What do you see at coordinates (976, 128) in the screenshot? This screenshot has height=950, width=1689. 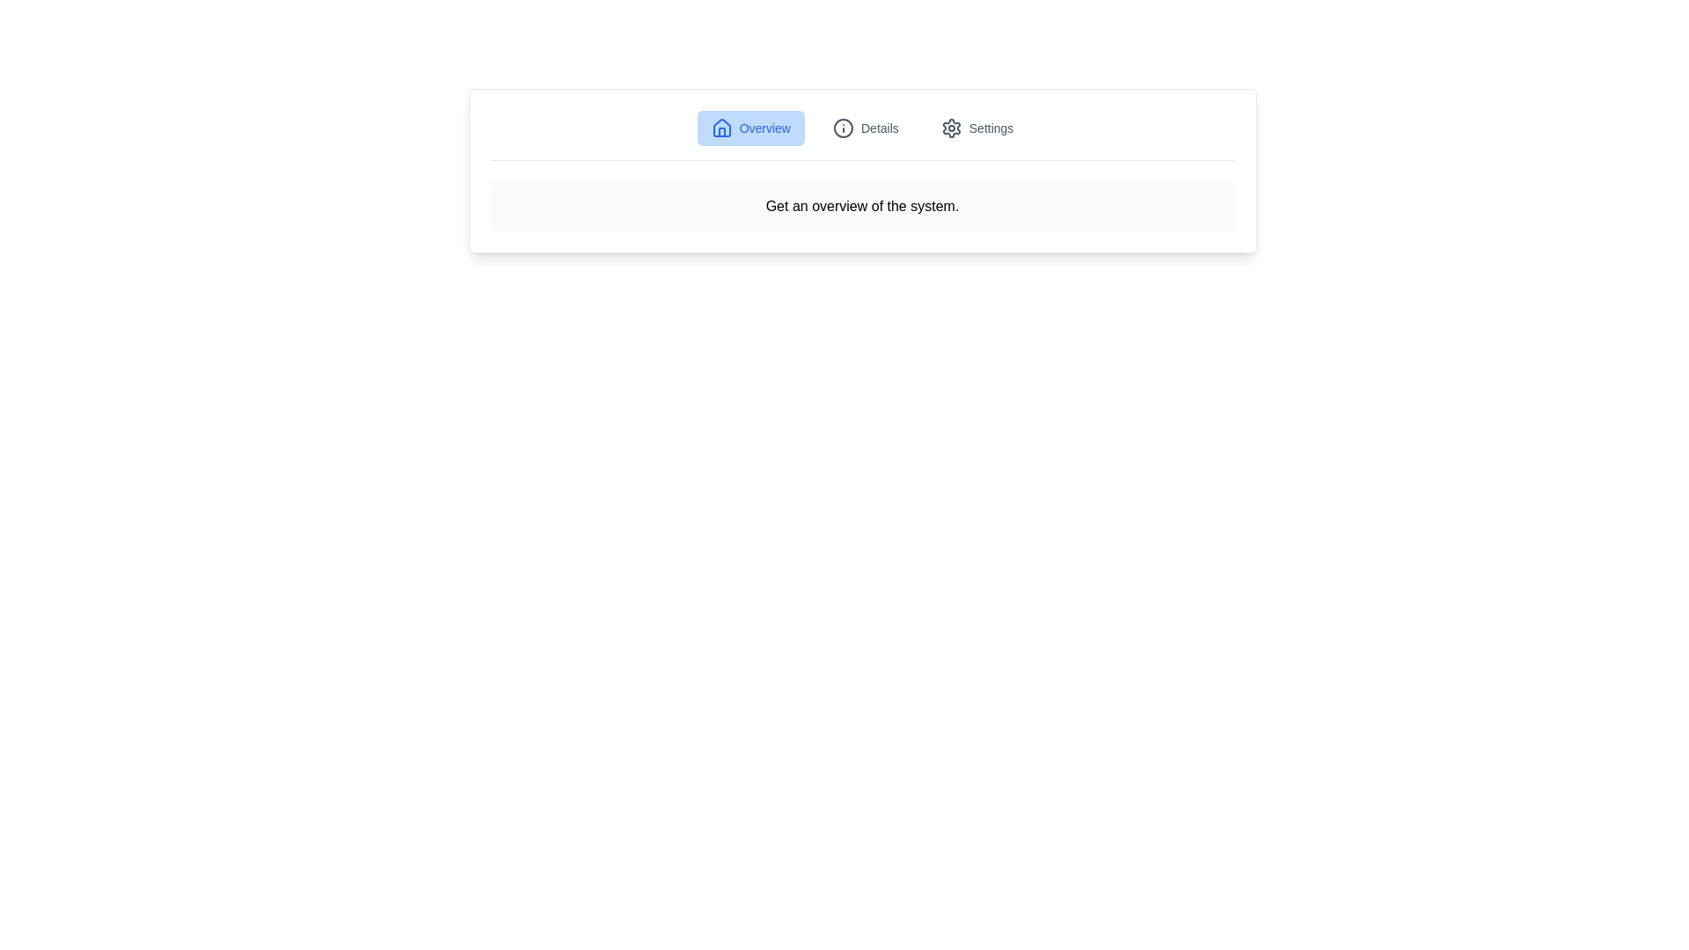 I see `the 'Settings' button located under the top navigation menu` at bounding box center [976, 128].